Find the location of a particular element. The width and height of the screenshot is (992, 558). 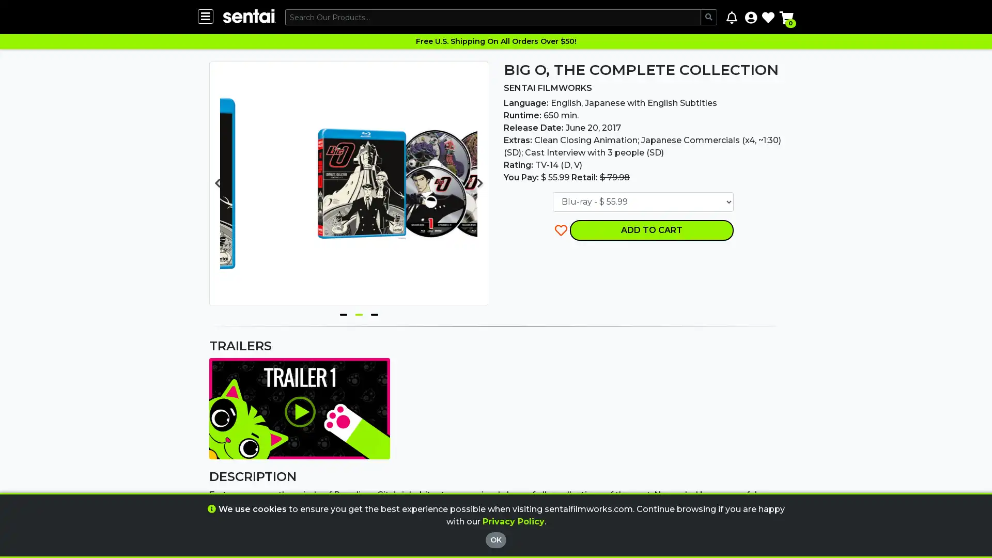

Wishlist is located at coordinates (768, 17).